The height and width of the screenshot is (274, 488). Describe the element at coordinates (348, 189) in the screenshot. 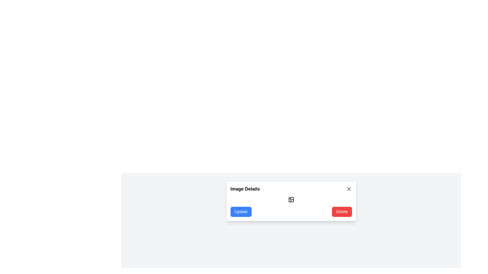

I see `the close button in the 'Image Details' modal` at that location.